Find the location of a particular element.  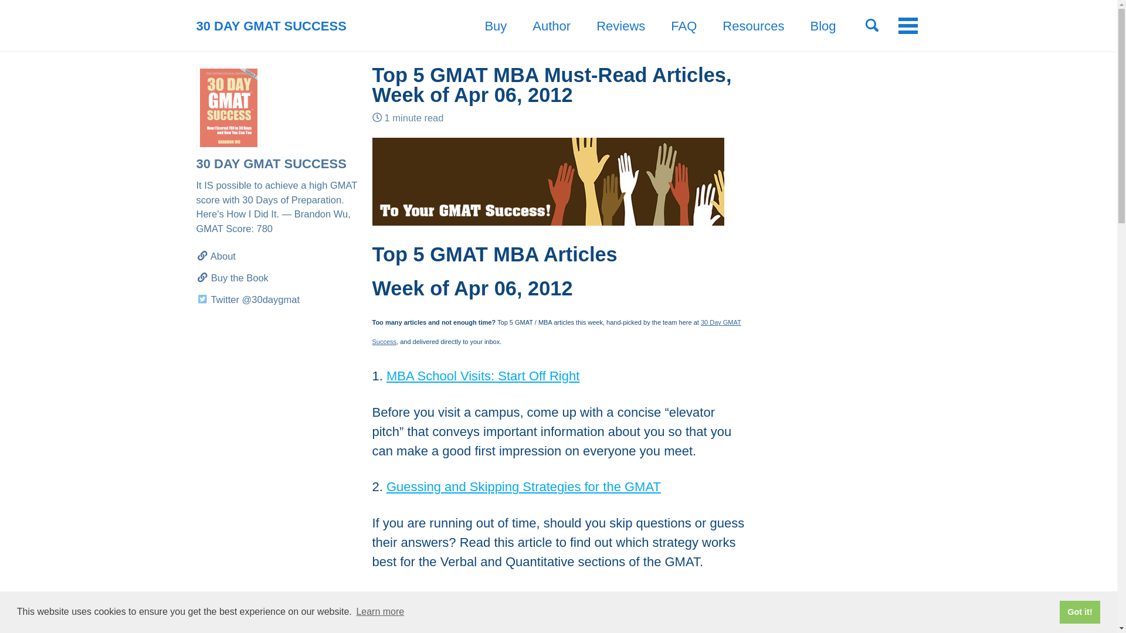

'30 Day GMAT Success' is located at coordinates (555, 332).